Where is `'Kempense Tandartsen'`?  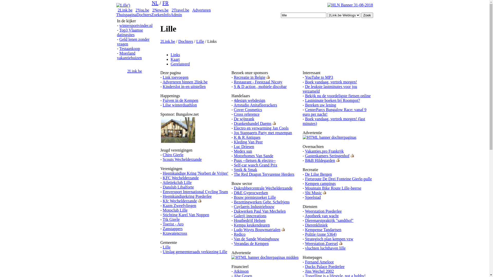
'Kempense Tandartsen' is located at coordinates (323, 229).